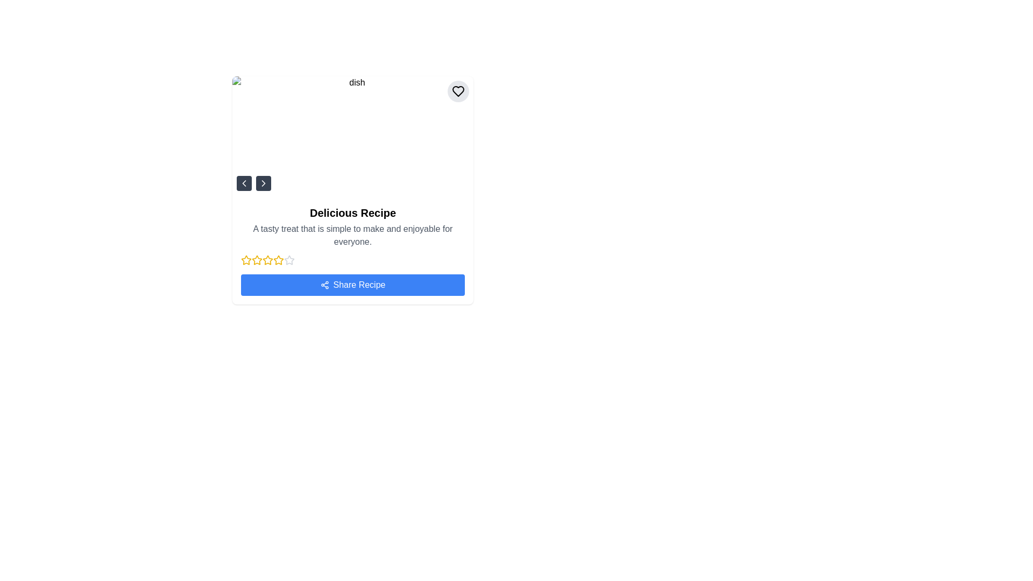 This screenshot has width=1033, height=581. What do you see at coordinates (245, 260) in the screenshot?
I see `the first star in the rating component below the 'Delicious Recipe' text to rate it` at bounding box center [245, 260].